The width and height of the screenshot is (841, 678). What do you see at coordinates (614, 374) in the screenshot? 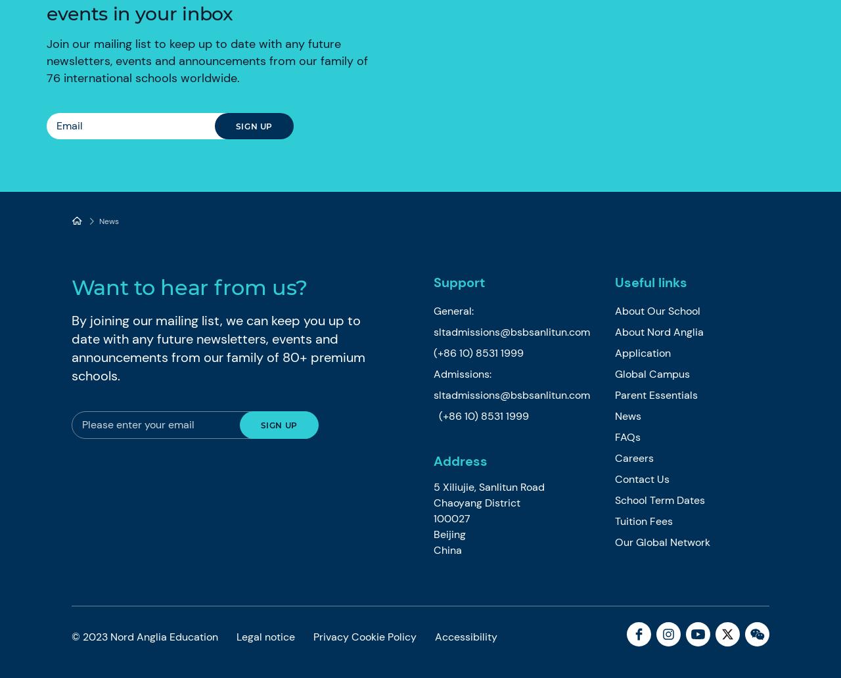
I see `'Global Campus'` at bounding box center [614, 374].